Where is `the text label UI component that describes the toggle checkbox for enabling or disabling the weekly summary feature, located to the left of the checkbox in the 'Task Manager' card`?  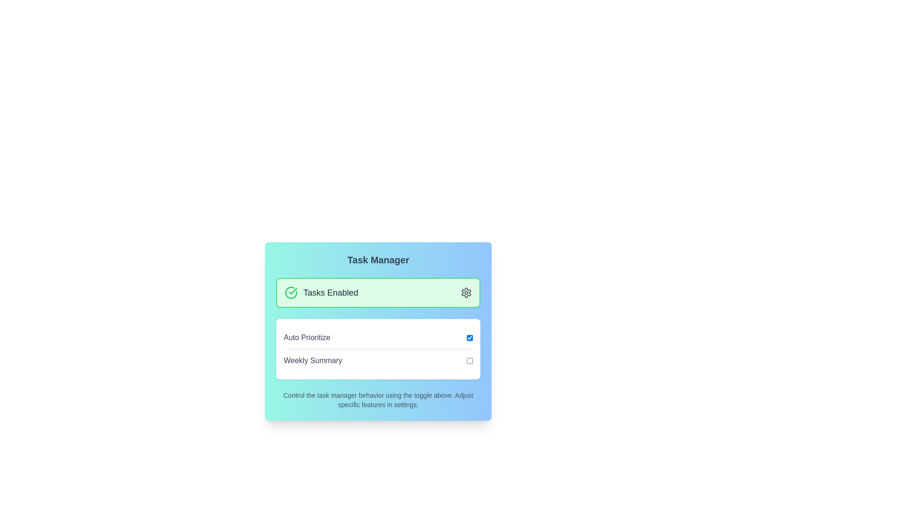
the text label UI component that describes the toggle checkbox for enabling or disabling the weekly summary feature, located to the left of the checkbox in the 'Task Manager' card is located at coordinates (313, 360).